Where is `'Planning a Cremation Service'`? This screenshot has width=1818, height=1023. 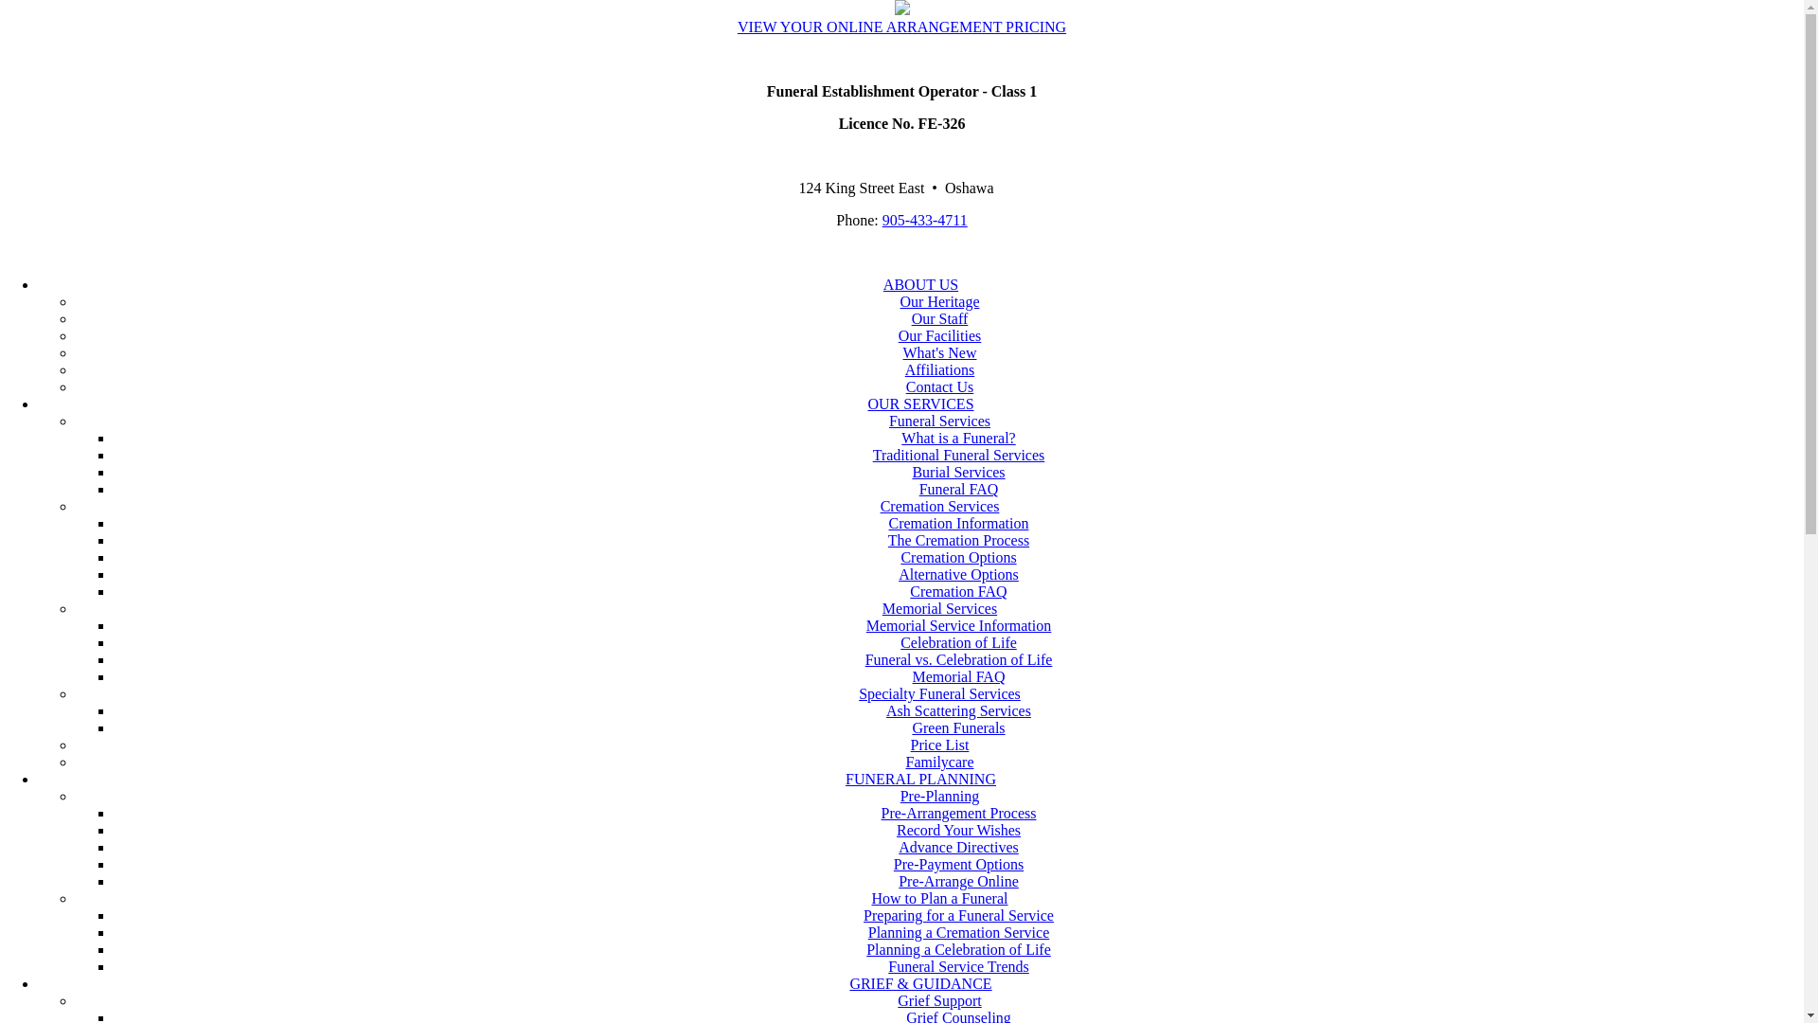 'Planning a Cremation Service' is located at coordinates (958, 931).